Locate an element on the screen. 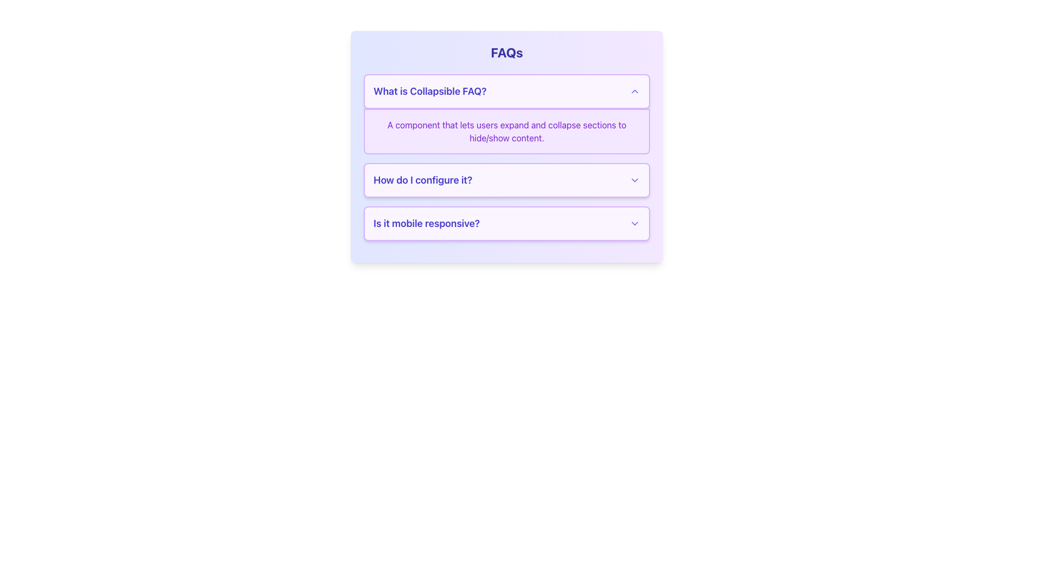 The width and height of the screenshot is (1041, 585). the upward-pointing chevron icon styled in indigo at the rightmost side of the row labeled 'What is Collapsible FAQ?' is located at coordinates (635, 91).